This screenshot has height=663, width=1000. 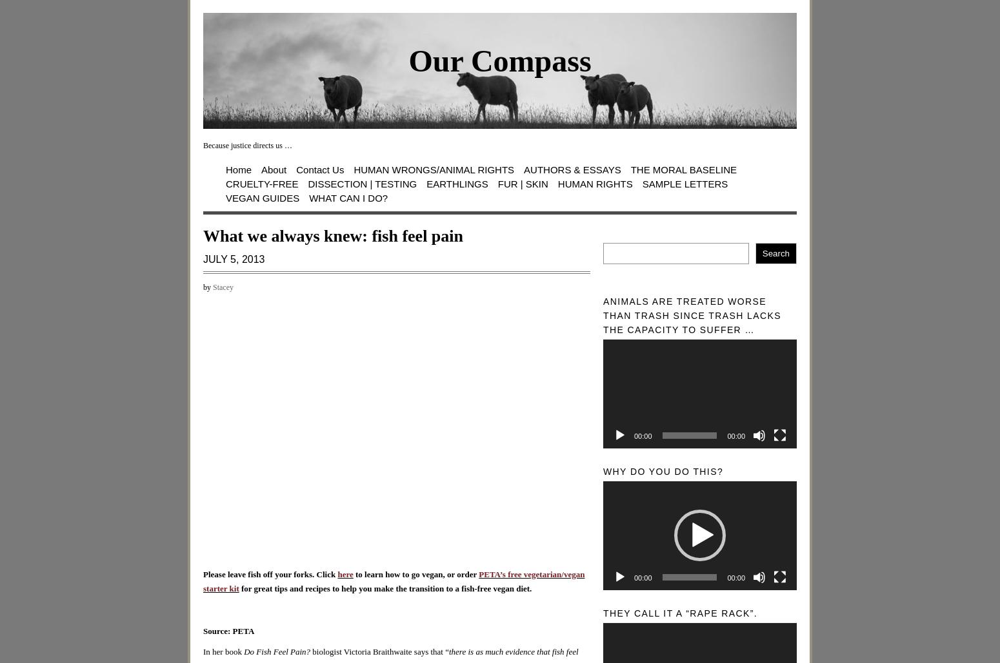 I want to click on 'Why do you do this?', so click(x=602, y=470).